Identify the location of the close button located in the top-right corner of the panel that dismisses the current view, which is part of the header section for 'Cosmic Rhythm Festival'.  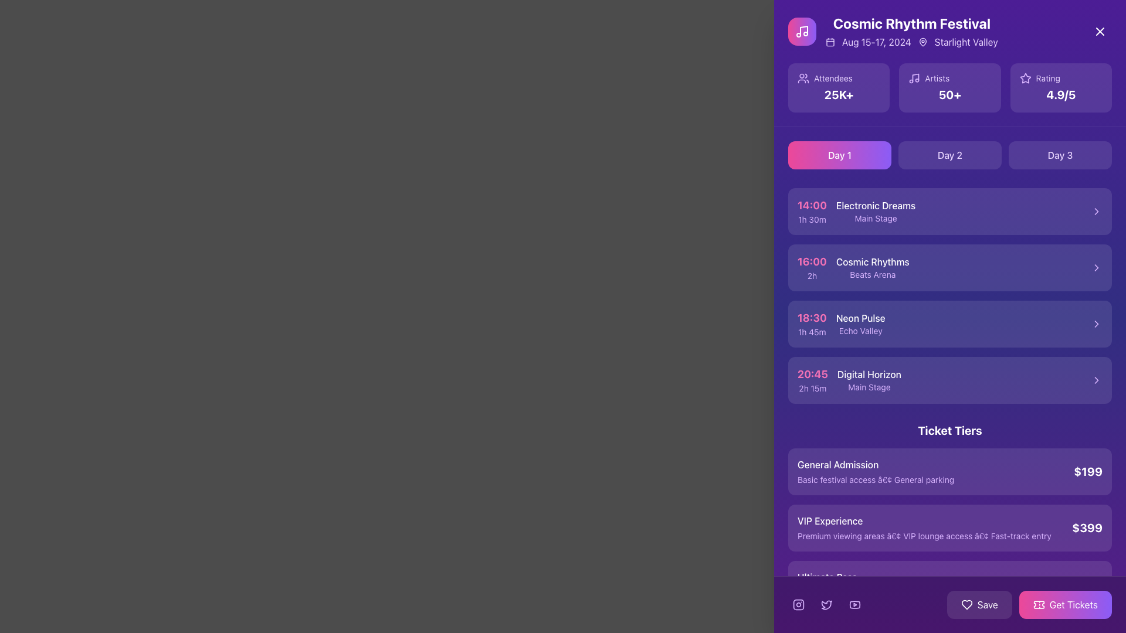
(1100, 31).